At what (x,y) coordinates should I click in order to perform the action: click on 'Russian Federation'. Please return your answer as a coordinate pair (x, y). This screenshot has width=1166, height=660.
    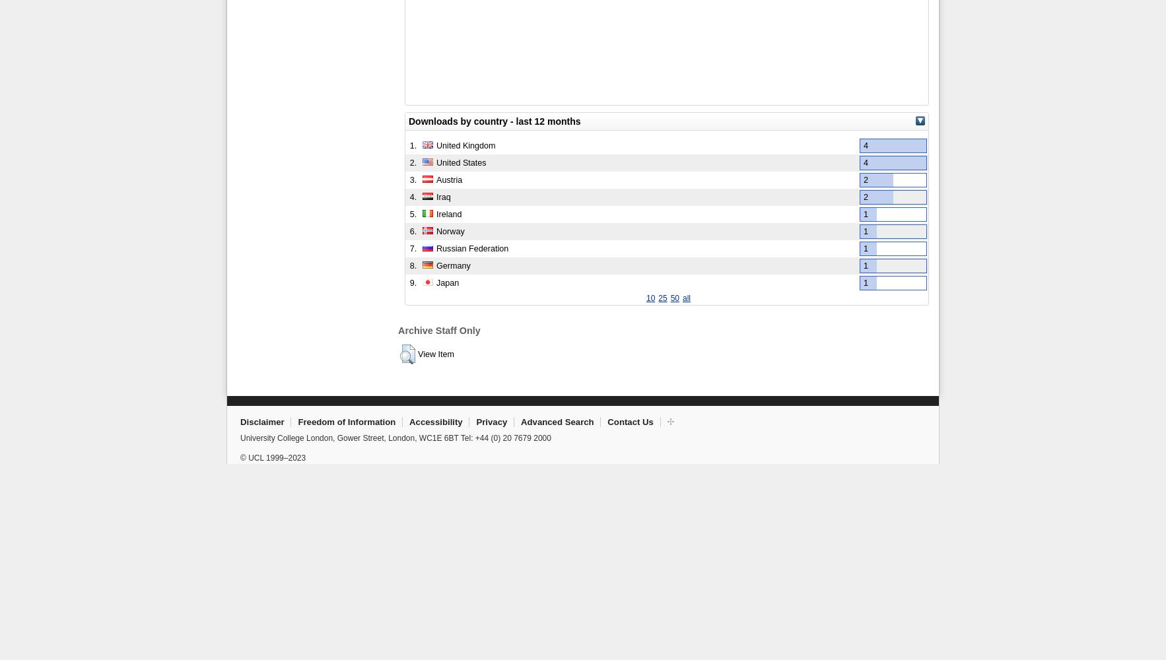
    Looking at the image, I should click on (472, 248).